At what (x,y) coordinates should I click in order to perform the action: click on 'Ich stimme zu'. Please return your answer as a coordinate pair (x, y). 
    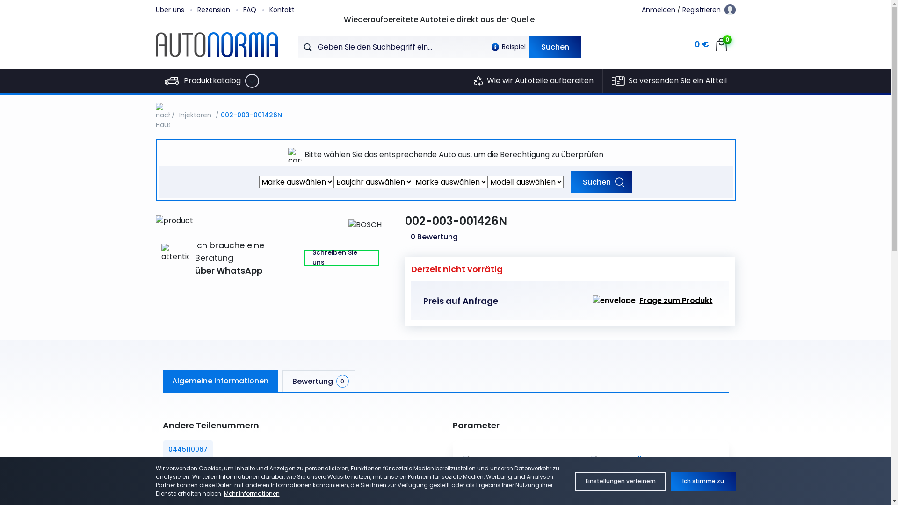
    Looking at the image, I should click on (670, 481).